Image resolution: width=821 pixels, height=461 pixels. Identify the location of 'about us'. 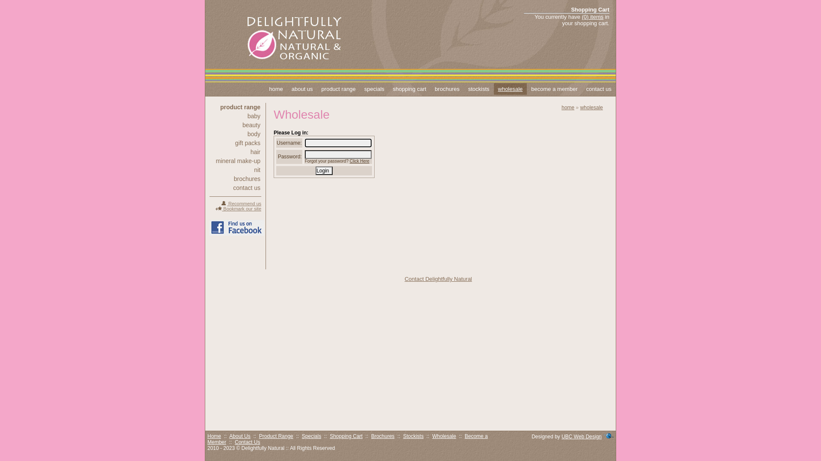
(302, 89).